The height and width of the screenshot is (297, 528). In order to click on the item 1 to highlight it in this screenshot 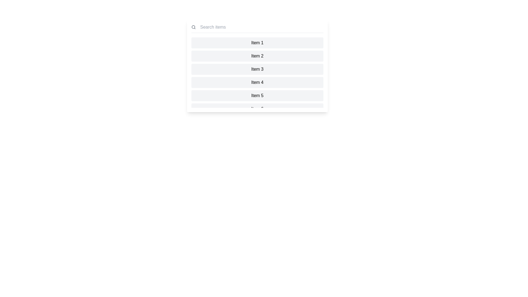, I will do `click(257, 42)`.